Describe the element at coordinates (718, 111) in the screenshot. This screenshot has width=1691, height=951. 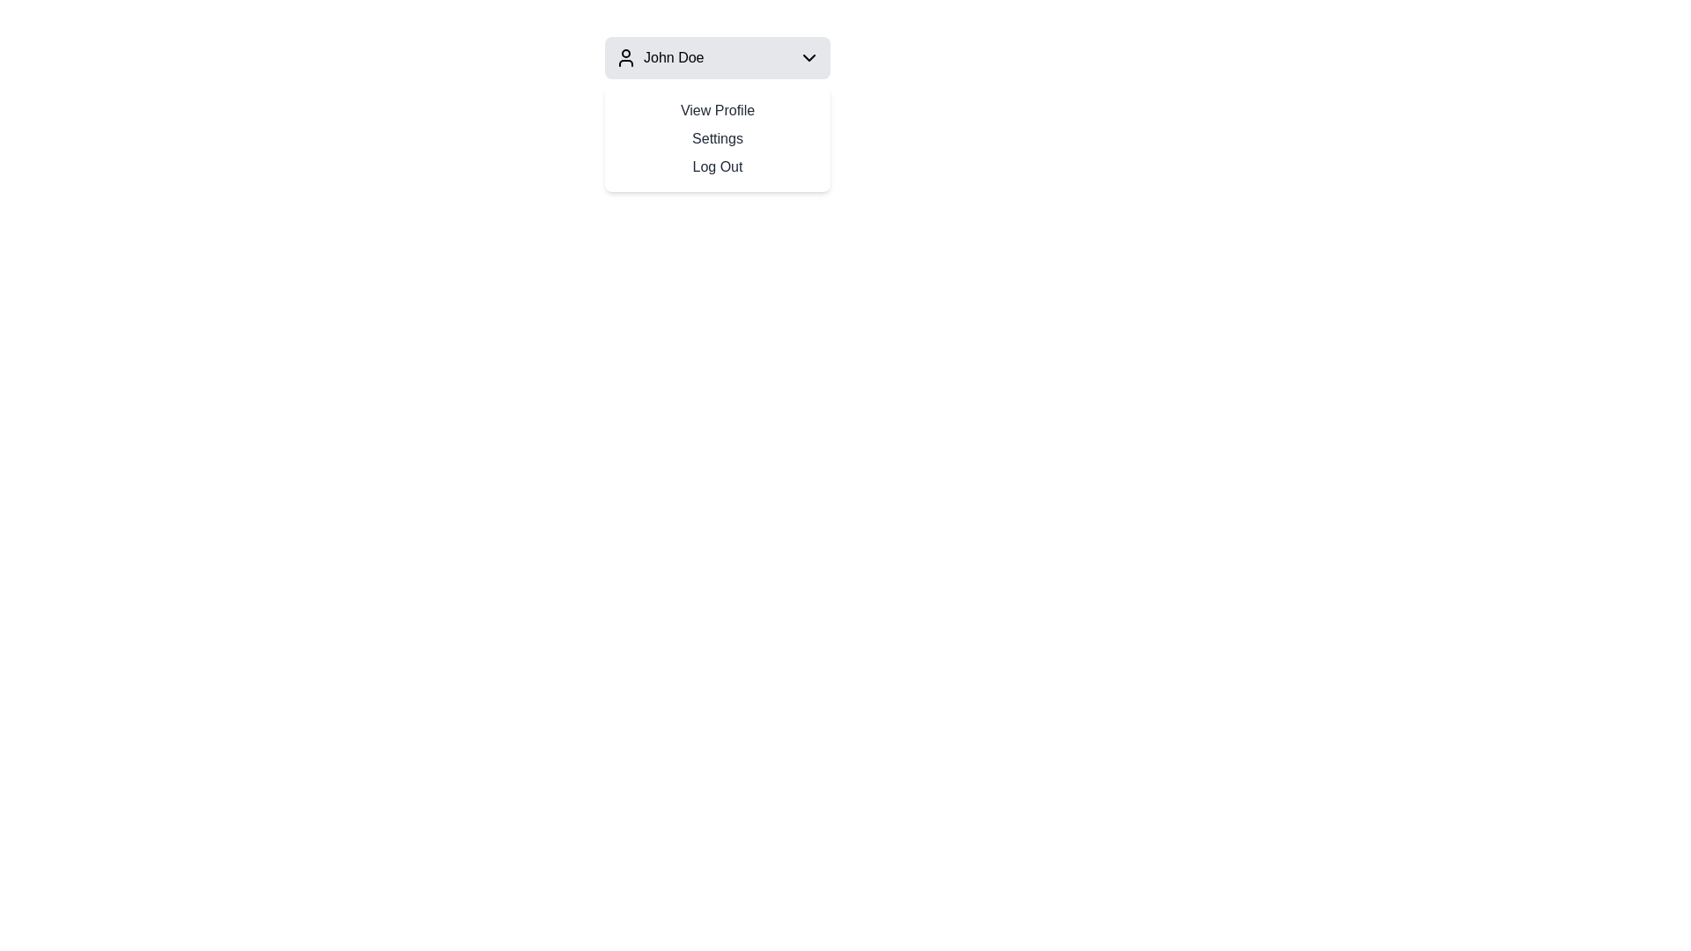
I see `the static text element that provides navigation to the user's profile page, which is the first item in a vertical menu below the header 'John Doe'` at that location.